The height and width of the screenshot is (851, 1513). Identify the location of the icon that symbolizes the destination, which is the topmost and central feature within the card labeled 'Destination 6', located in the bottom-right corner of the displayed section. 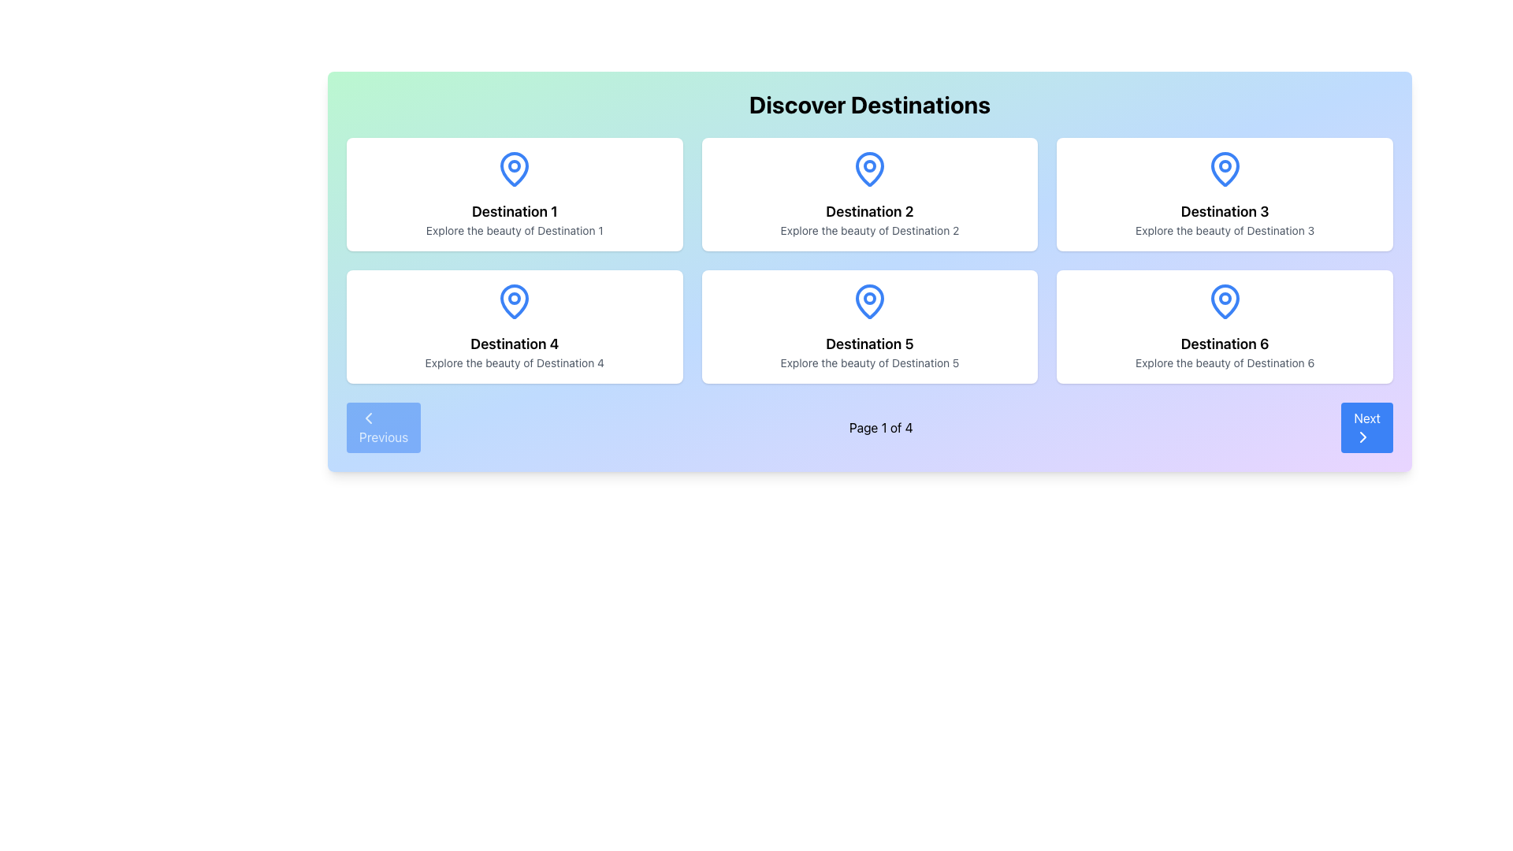
(1224, 301).